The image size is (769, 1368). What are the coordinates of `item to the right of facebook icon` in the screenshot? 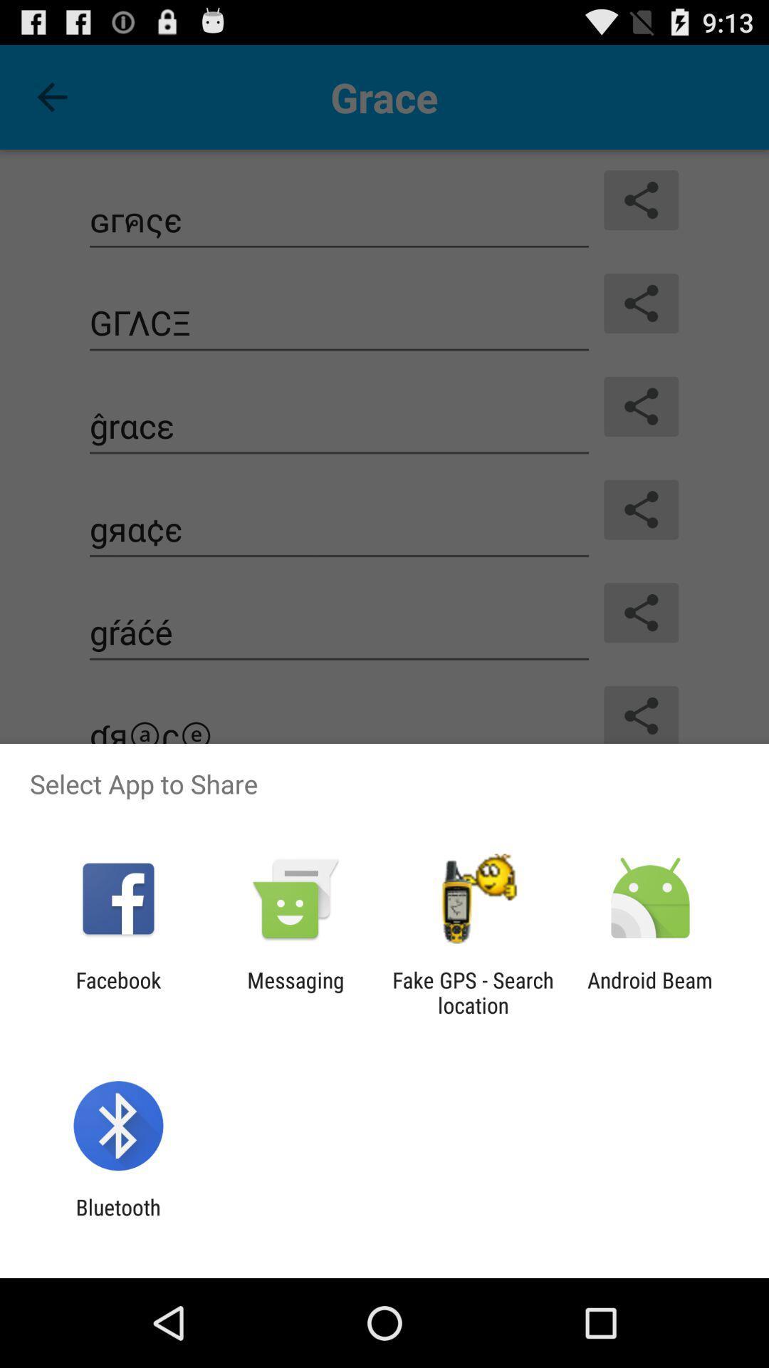 It's located at (295, 992).